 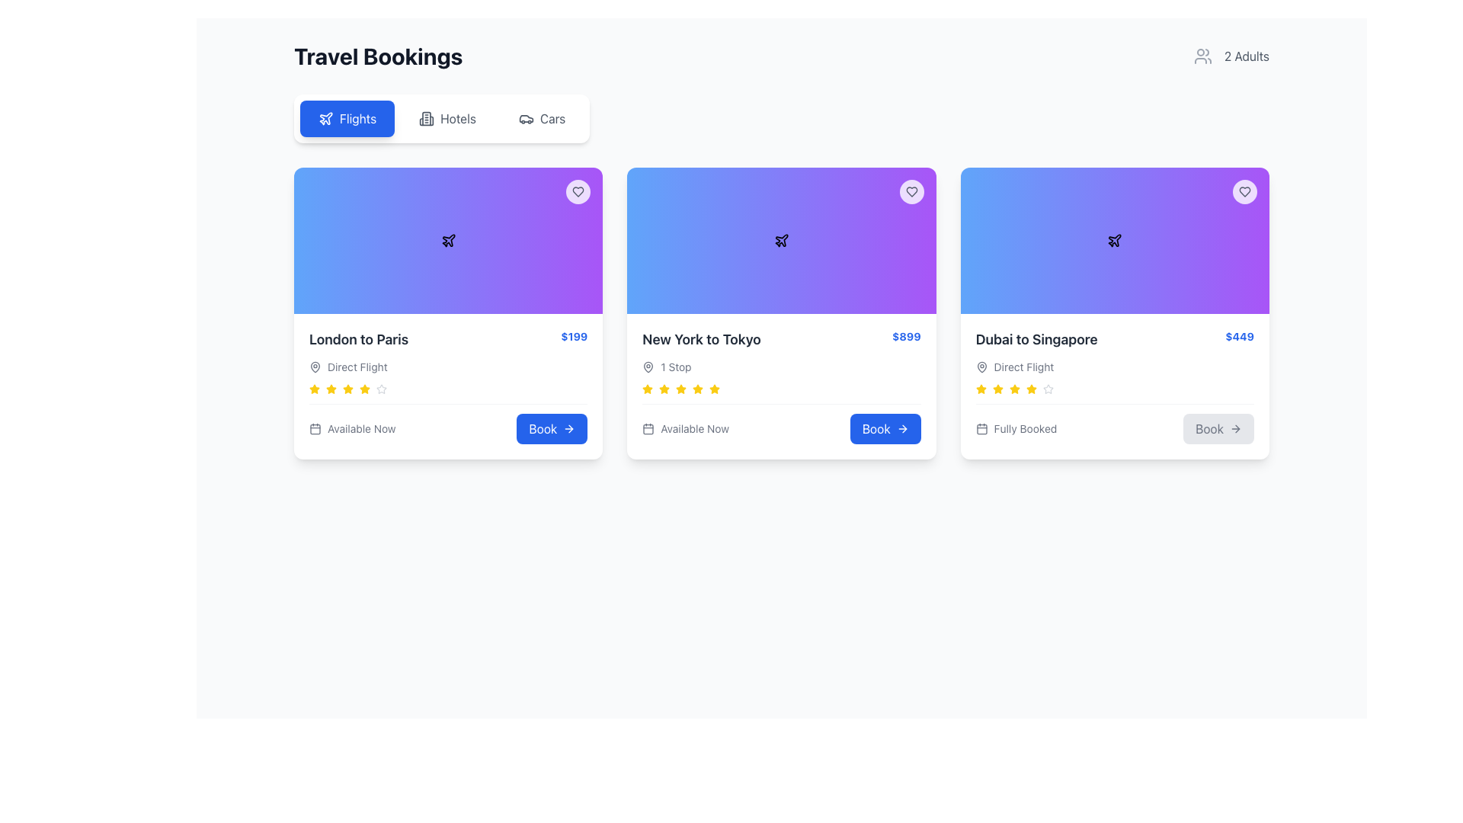 I want to click on availability status from the 'Available Now' text label located in the bottom-left corner of the 'London to Paris' panel, above the 'Book' button, so click(x=351, y=429).